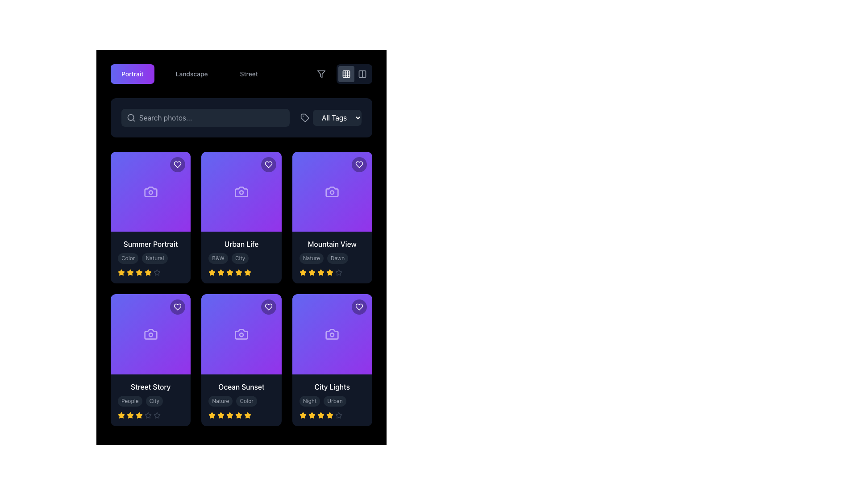  Describe the element at coordinates (362, 73) in the screenshot. I see `the rectangular button with rounded corners, which has a gray outline and a dual-column icon` at that location.